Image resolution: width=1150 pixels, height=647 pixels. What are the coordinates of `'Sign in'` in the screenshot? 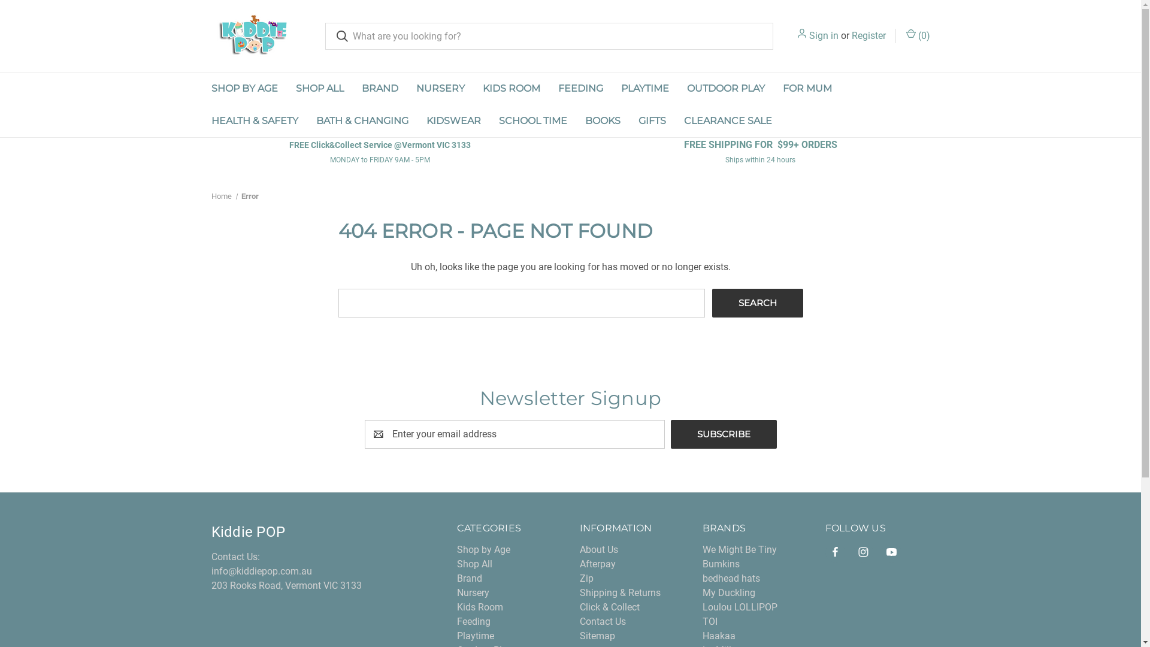 It's located at (822, 35).